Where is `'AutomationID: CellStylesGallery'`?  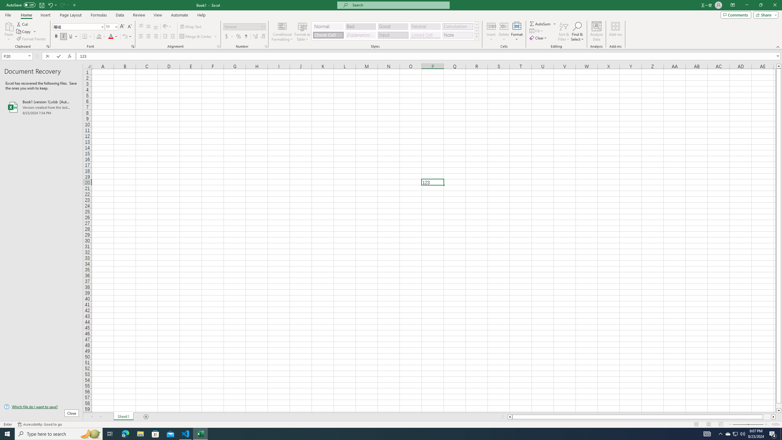
'AutomationID: CellStylesGallery' is located at coordinates (396, 31).